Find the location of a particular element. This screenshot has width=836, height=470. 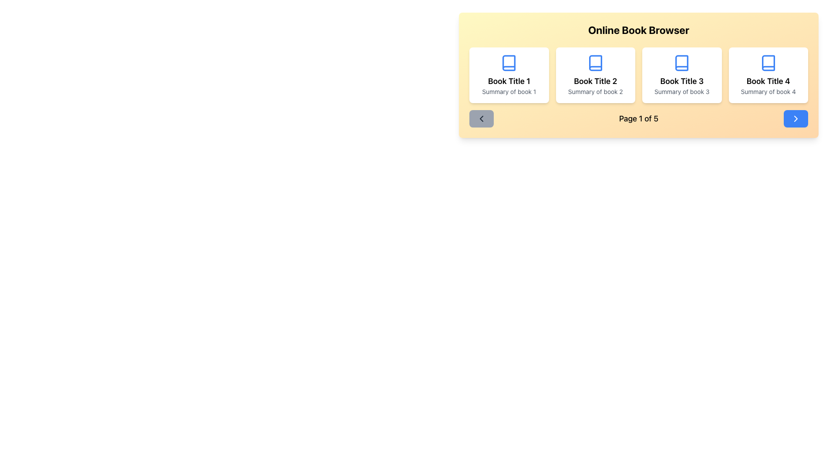

the visually styled book icon titled 'Book Title 2' with the subtitle 'Summary of book 2', which is the second card in a horizontal list of book items in the carousel is located at coordinates (595, 63).